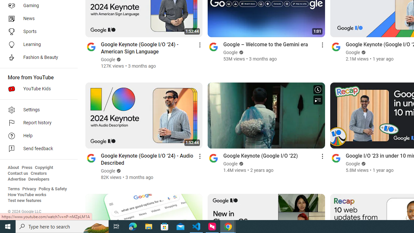 The height and width of the screenshot is (233, 414). Describe the element at coordinates (14, 189) in the screenshot. I see `'Terms'` at that location.